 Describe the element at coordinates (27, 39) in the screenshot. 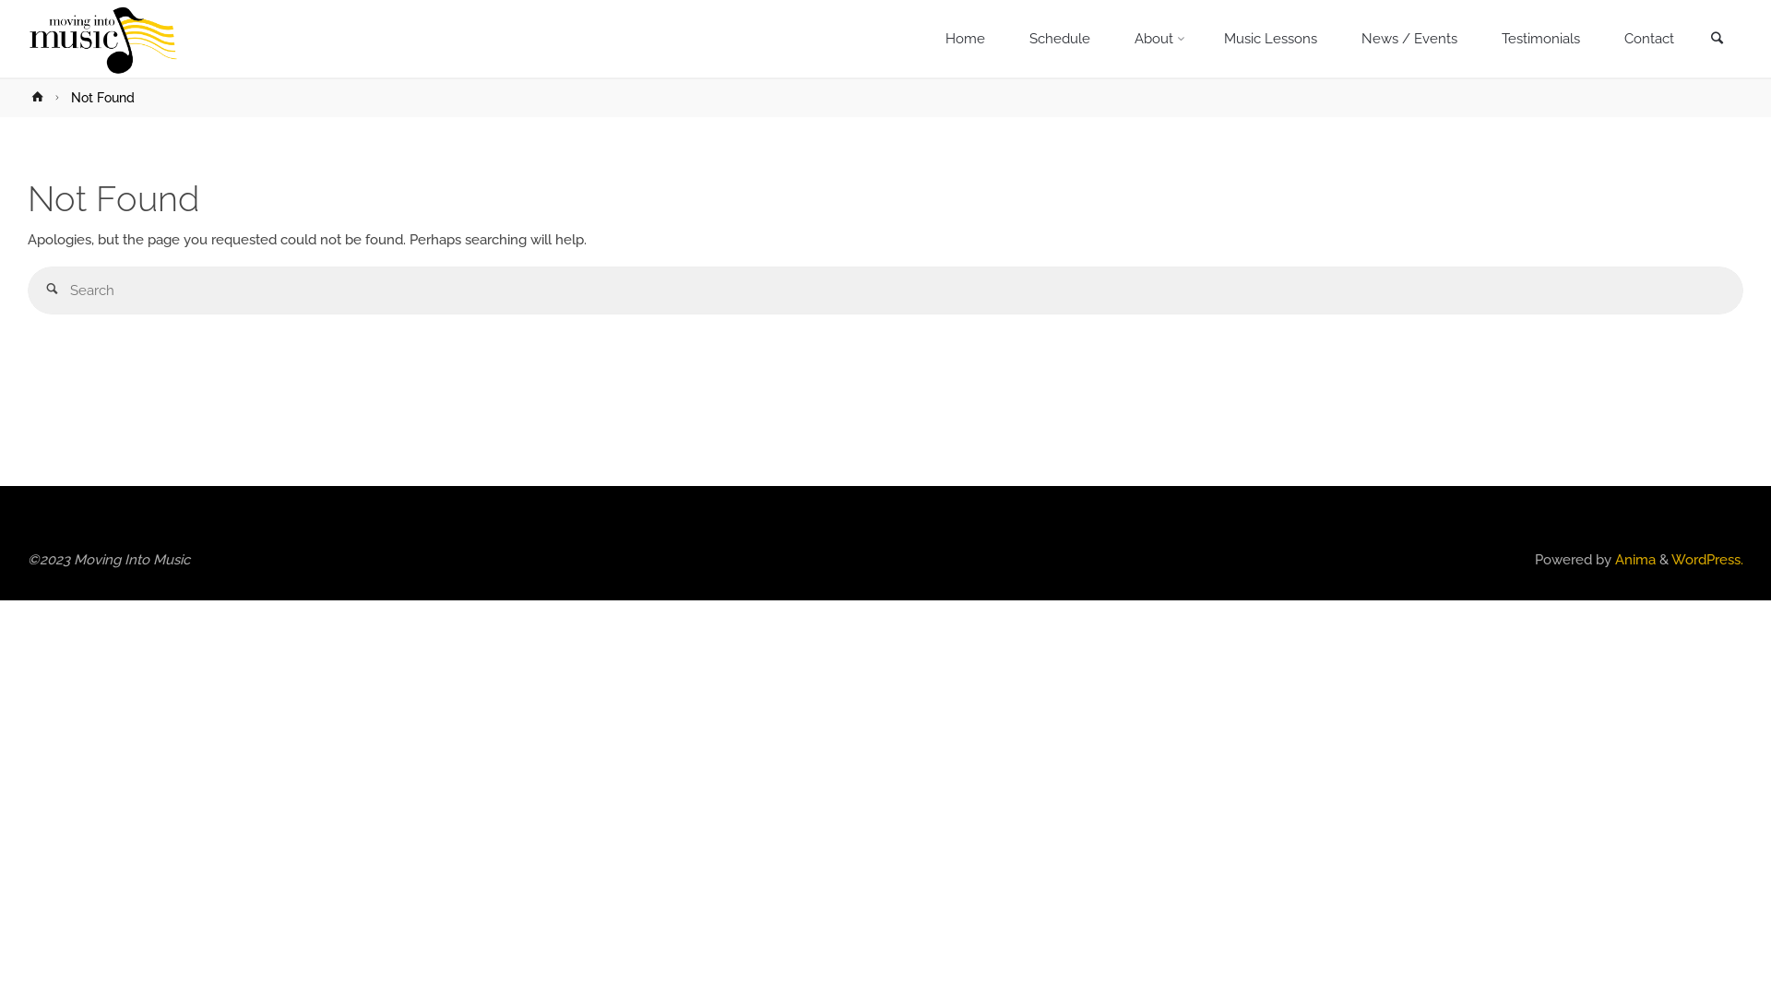

I see `'Moving Into Music'` at that location.